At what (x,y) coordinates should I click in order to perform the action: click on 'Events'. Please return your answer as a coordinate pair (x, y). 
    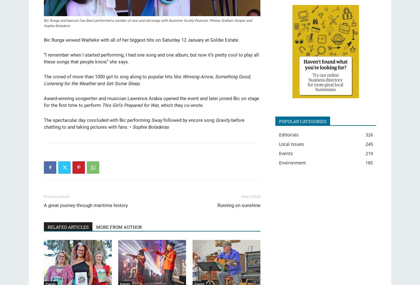
    Looking at the image, I should click on (285, 153).